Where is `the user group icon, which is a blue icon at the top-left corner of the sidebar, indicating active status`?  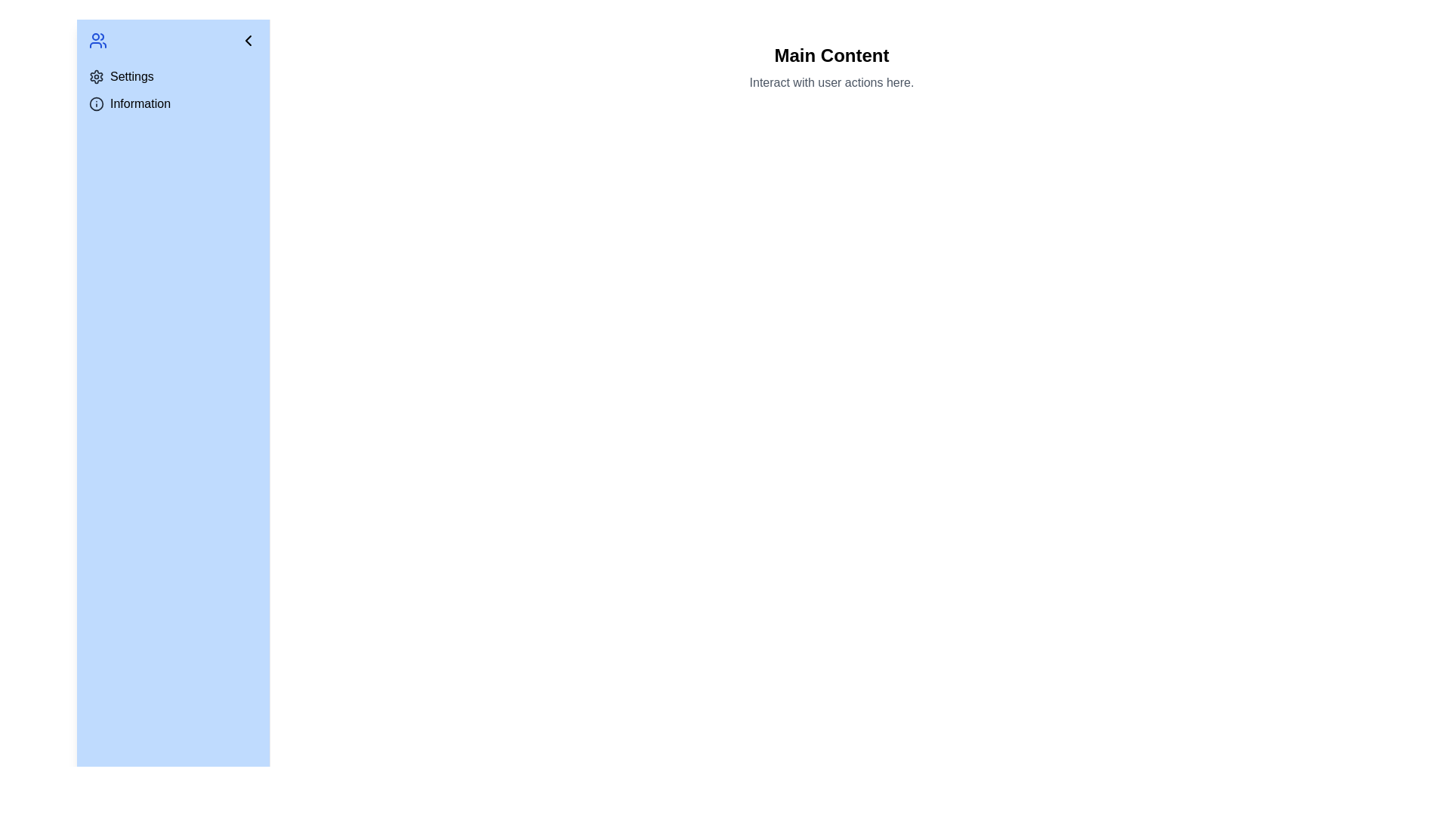 the user group icon, which is a blue icon at the top-left corner of the sidebar, indicating active status is located at coordinates (97, 40).